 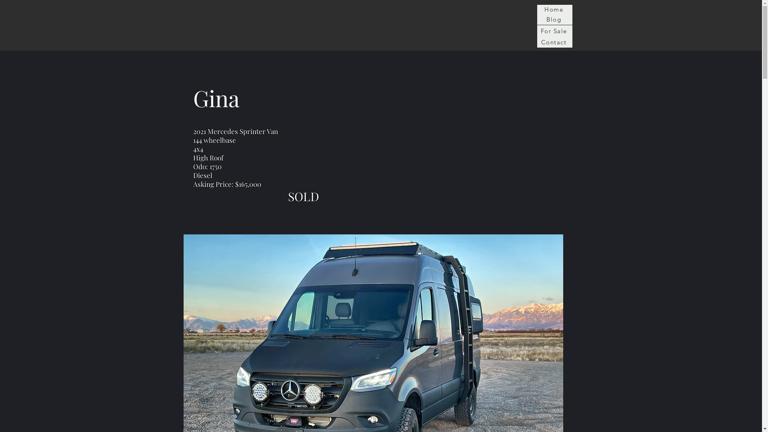 I want to click on 'Home', so click(x=554, y=9).